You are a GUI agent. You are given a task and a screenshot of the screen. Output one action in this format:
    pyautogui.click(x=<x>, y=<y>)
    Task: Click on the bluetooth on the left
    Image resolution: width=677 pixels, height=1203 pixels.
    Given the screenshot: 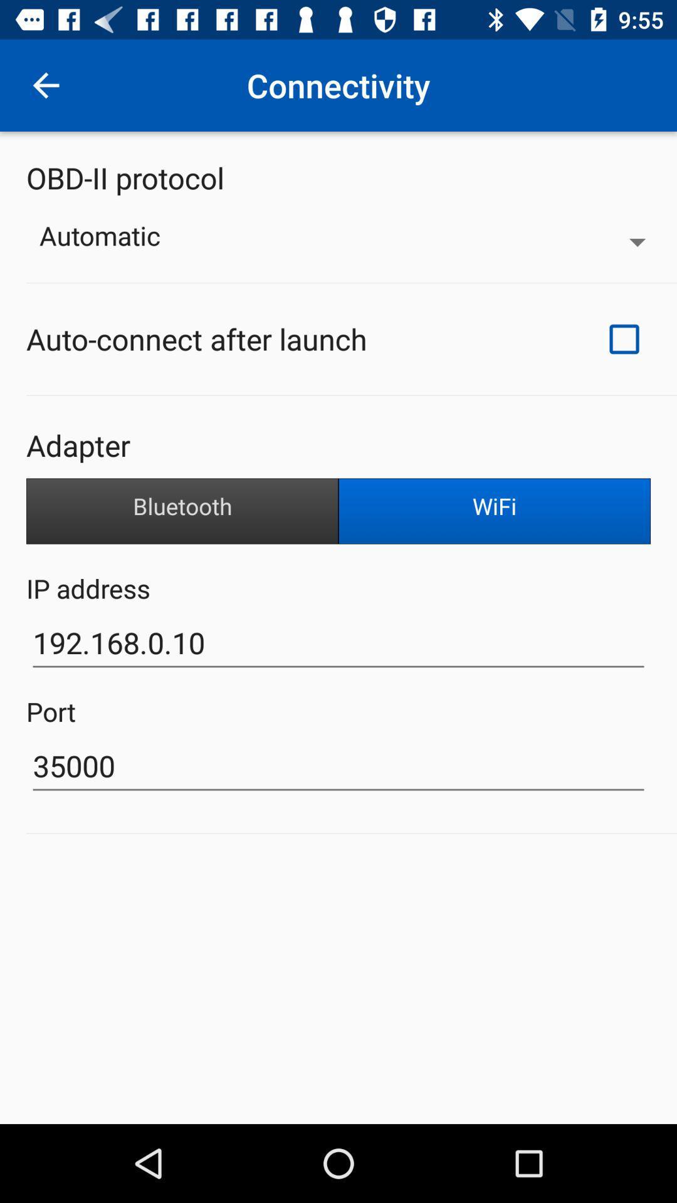 What is the action you would take?
    pyautogui.click(x=182, y=511)
    